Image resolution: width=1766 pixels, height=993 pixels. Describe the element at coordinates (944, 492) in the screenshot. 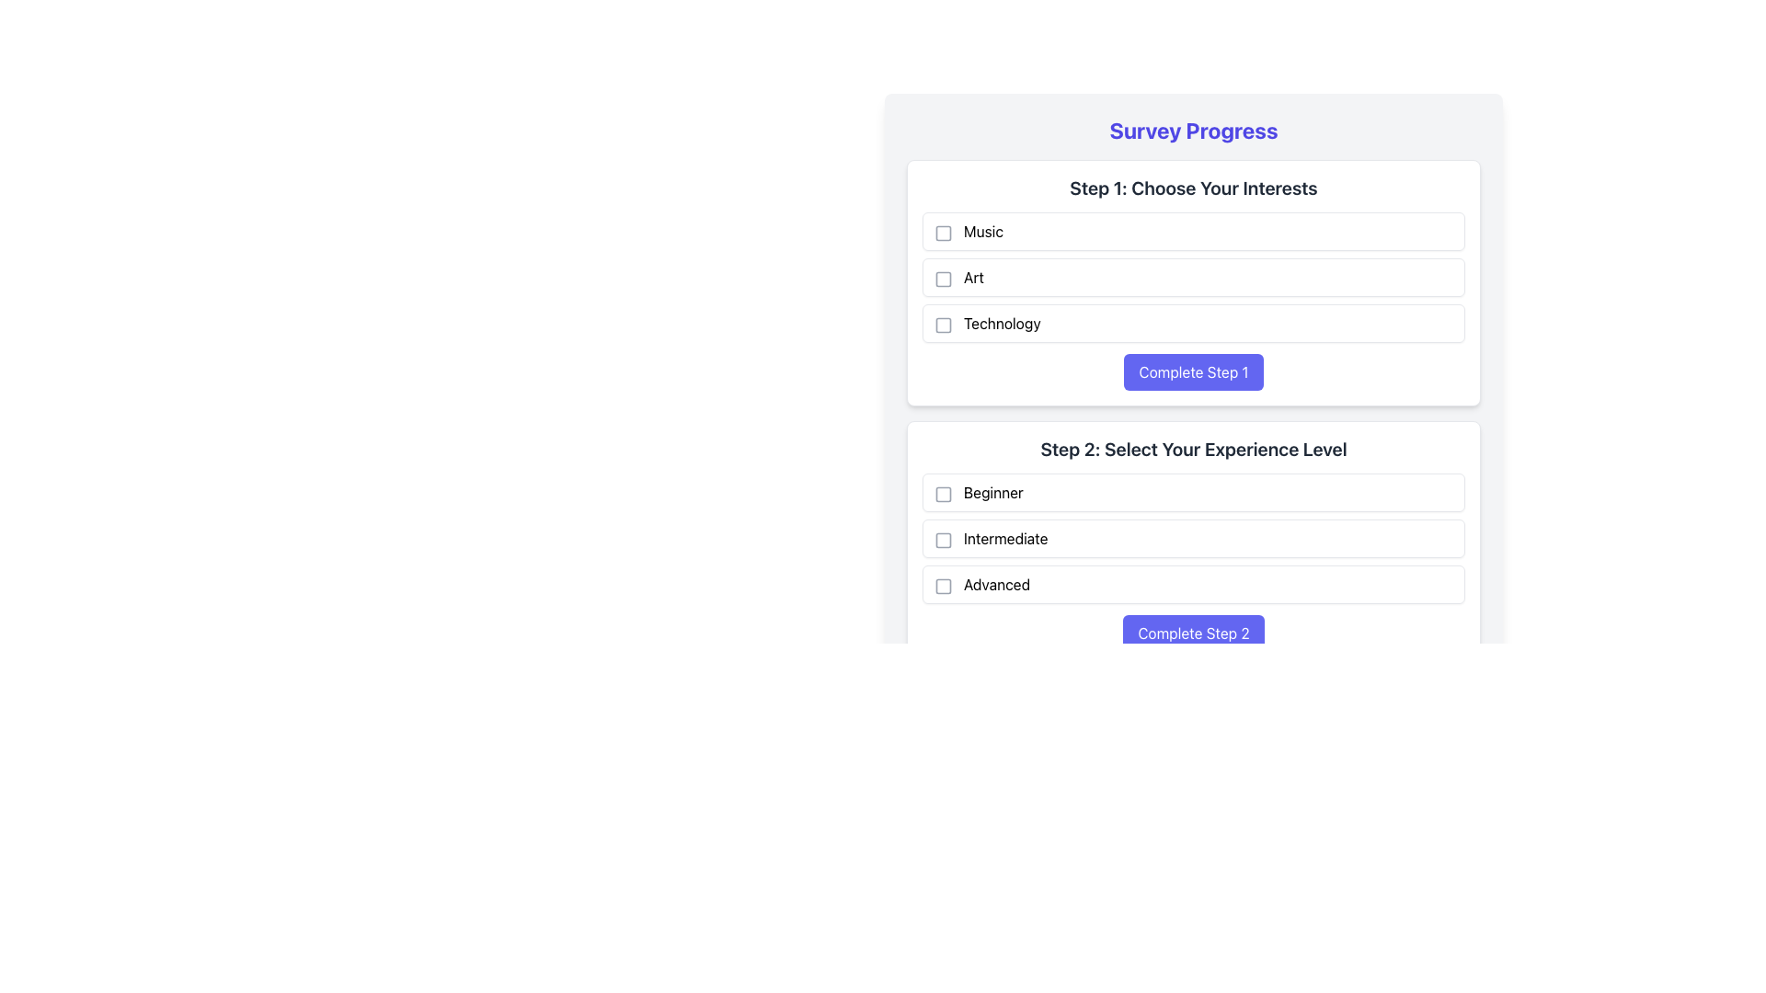

I see `the unchecked checkbox graphic next to the label 'Beginner'` at that location.